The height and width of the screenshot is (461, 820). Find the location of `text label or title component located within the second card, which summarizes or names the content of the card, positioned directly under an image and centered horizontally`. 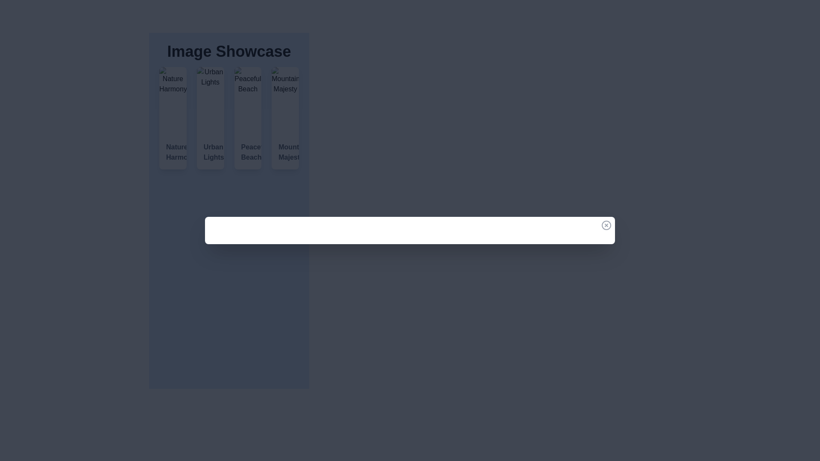

text label or title component located within the second card, which summarizes or names the content of the card, positioned directly under an image and centered horizontally is located at coordinates (210, 152).